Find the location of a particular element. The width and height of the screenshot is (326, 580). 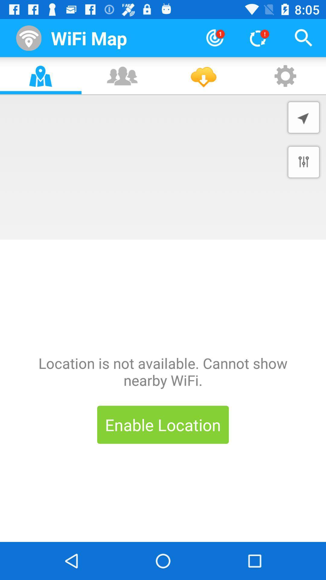

the sliders icon is located at coordinates (304, 162).